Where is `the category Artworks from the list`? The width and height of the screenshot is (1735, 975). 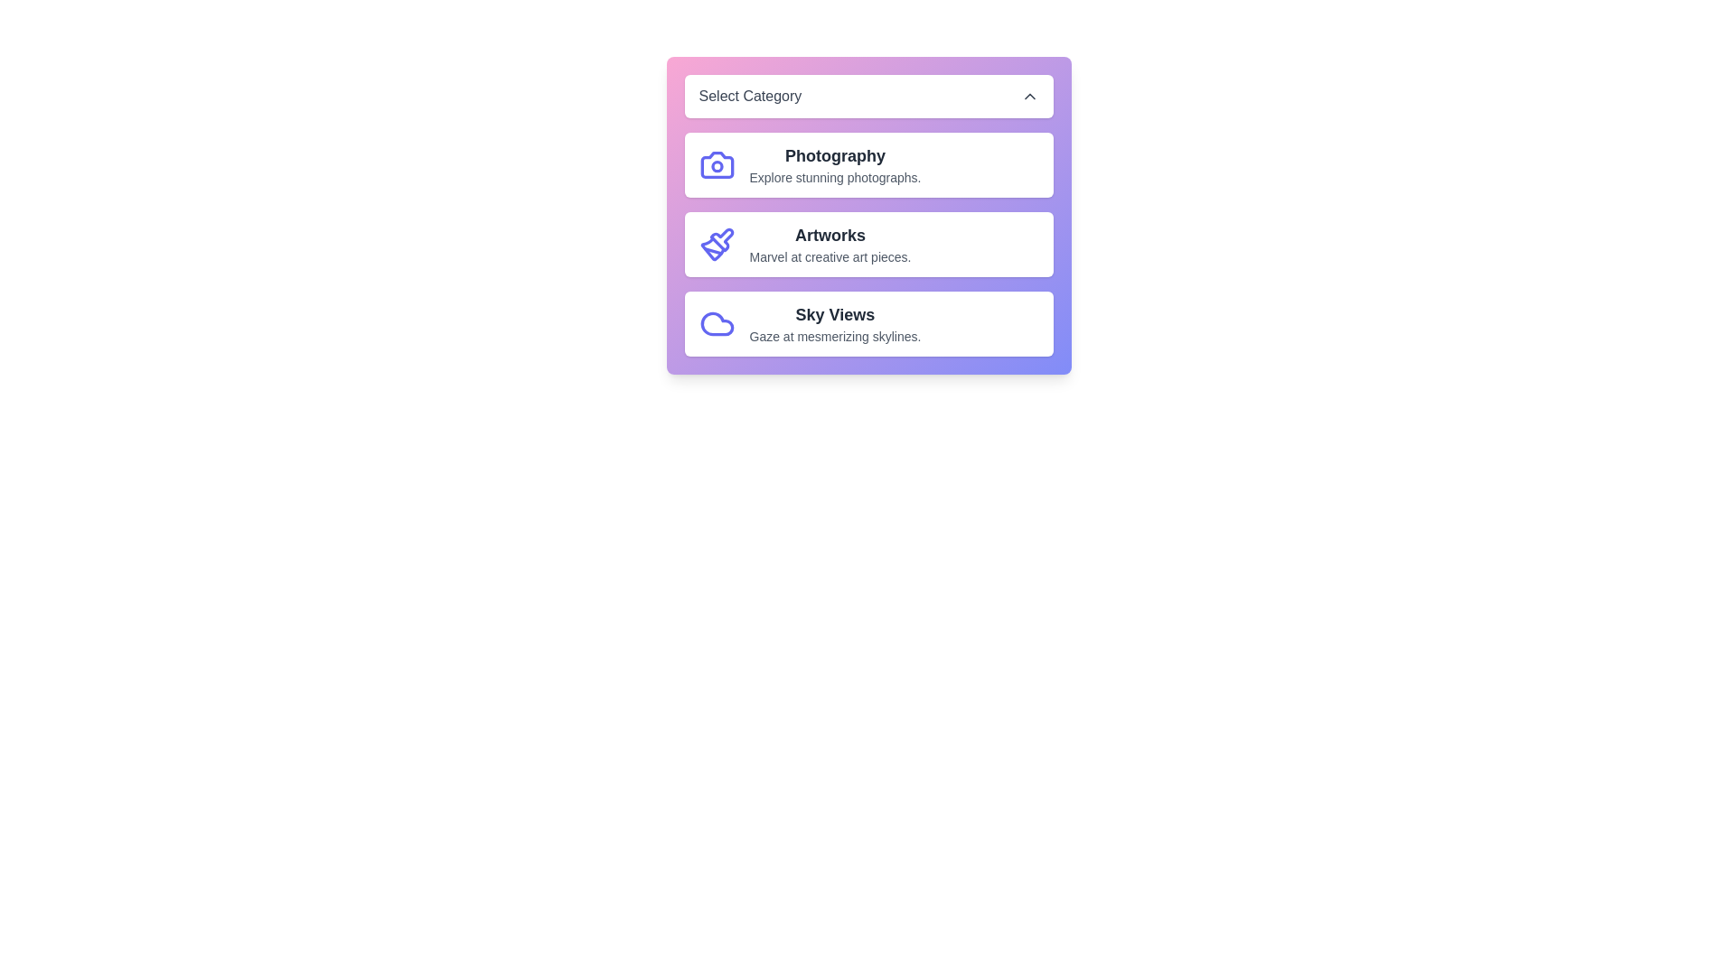
the category Artworks from the list is located at coordinates (868, 244).